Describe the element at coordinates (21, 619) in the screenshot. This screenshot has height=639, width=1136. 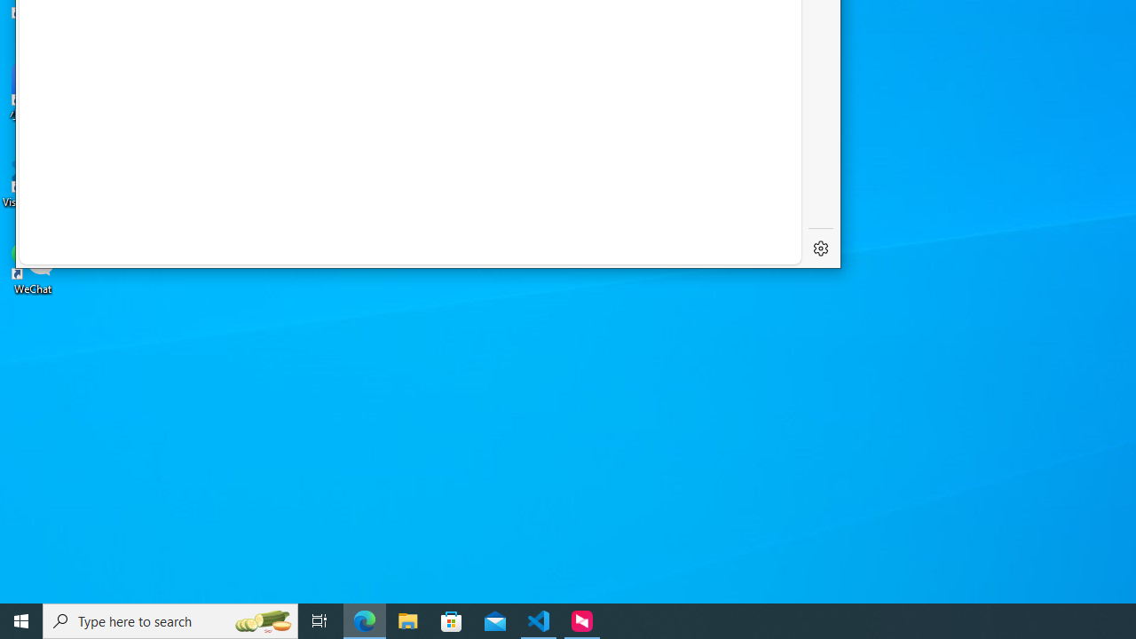
I see `'Start'` at that location.